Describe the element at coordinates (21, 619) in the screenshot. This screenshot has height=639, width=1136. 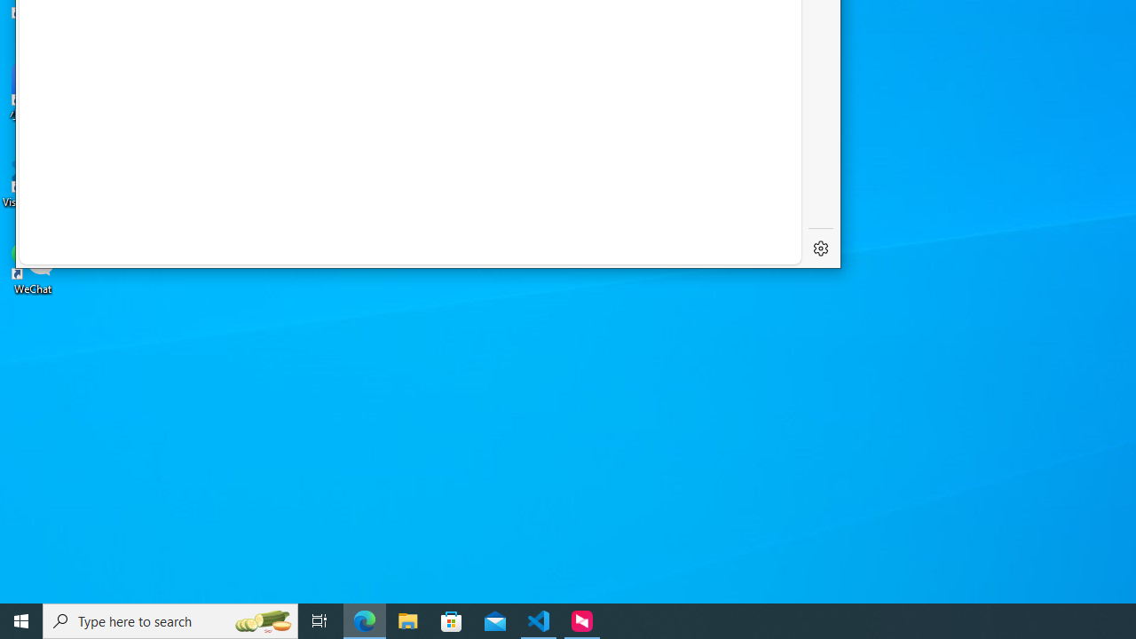
I see `'Start'` at that location.